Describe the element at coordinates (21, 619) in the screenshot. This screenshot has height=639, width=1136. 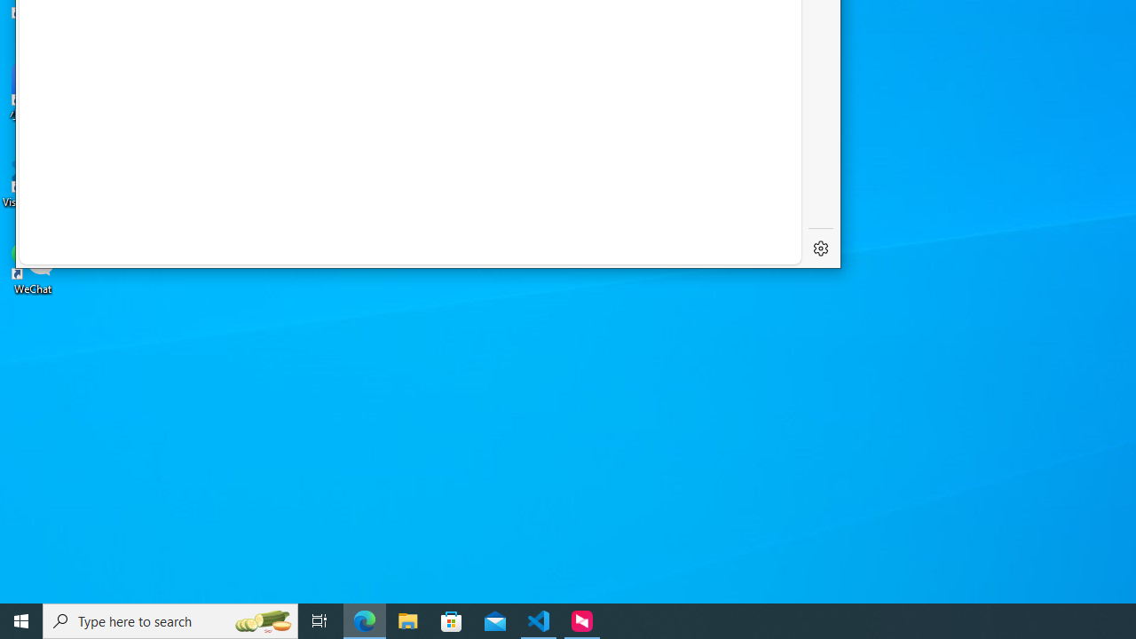
I see `'Start'` at that location.